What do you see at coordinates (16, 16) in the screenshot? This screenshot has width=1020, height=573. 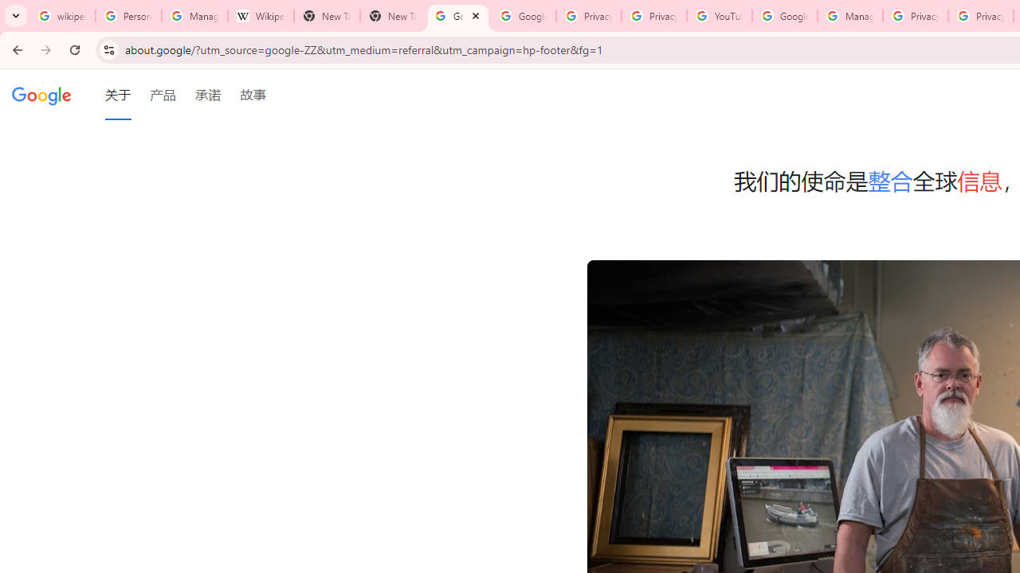 I see `'Search tabs'` at bounding box center [16, 16].